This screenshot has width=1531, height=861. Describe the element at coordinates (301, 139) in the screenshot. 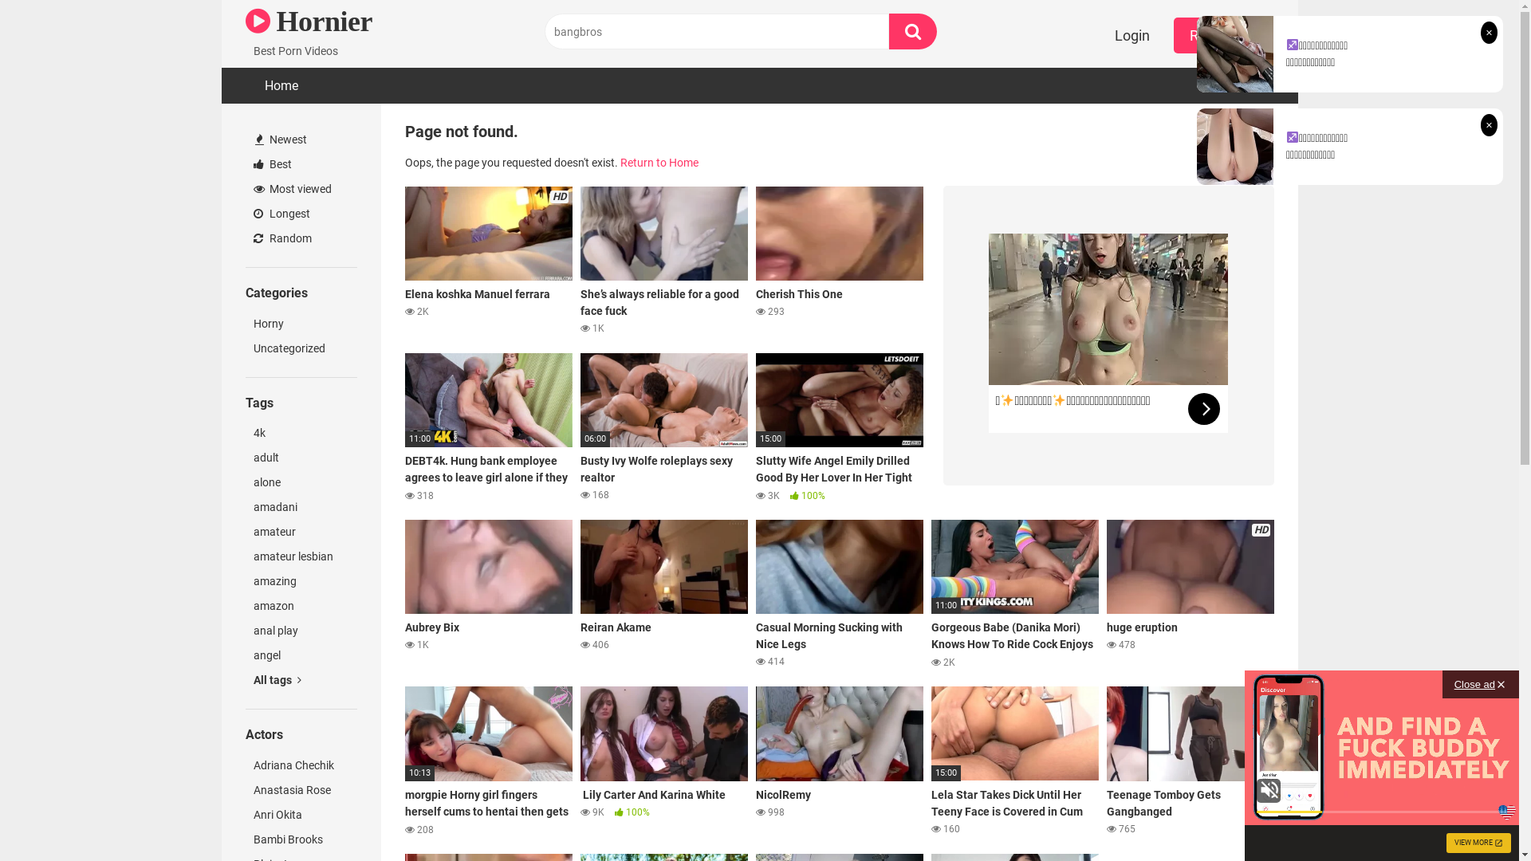

I see `'Newest'` at that location.